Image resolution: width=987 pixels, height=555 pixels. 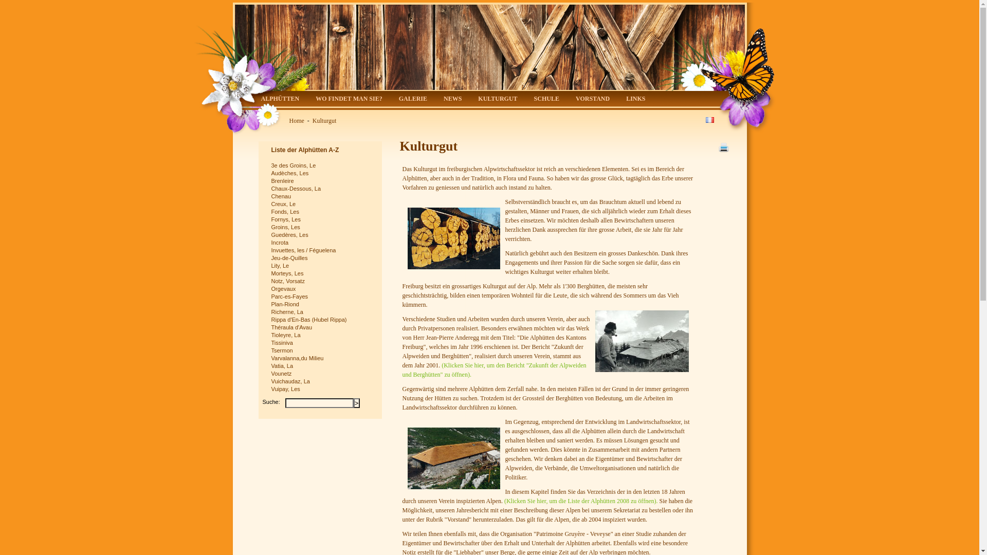 I want to click on 'Fonds, Les', so click(x=321, y=211).